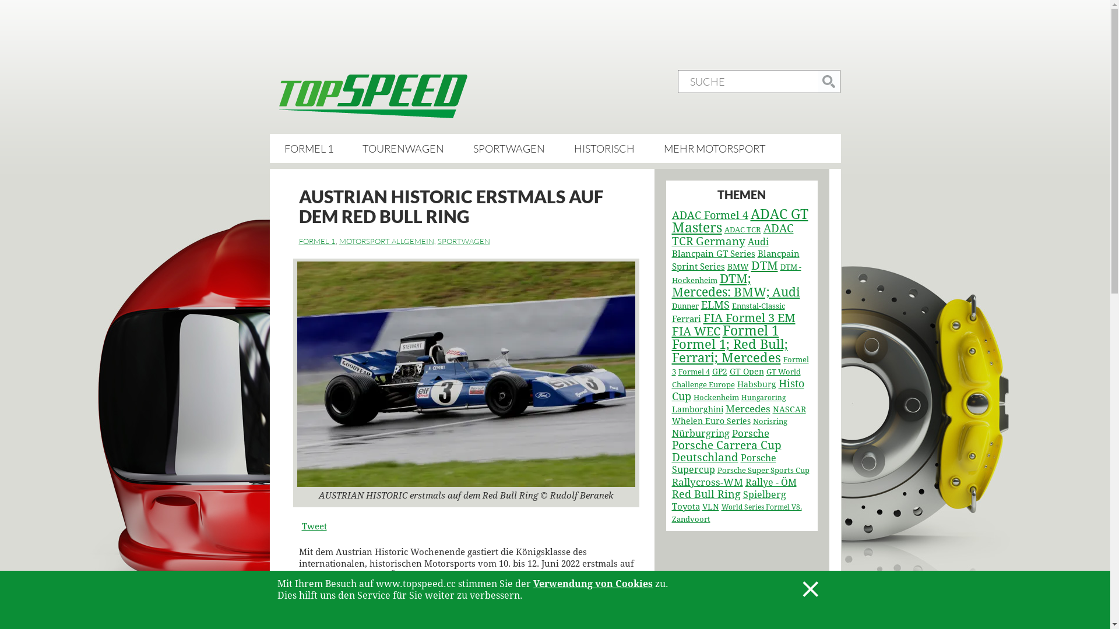 The width and height of the screenshot is (1119, 629). Describe the element at coordinates (738, 221) in the screenshot. I see `'ADAC GT Masters'` at that location.